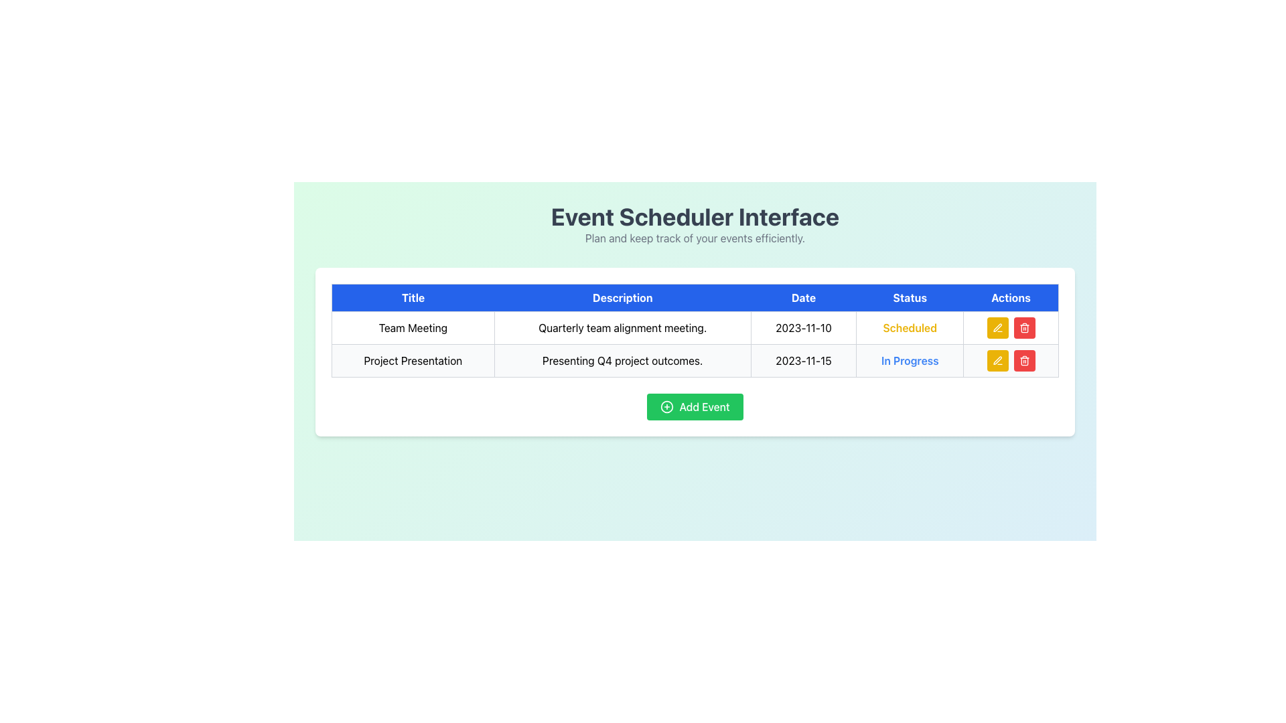  Describe the element at coordinates (1011, 297) in the screenshot. I see `the Text label located in the table header row at the top right corner, which indicates the purpose of the corresponding actions column after 'Status'` at that location.